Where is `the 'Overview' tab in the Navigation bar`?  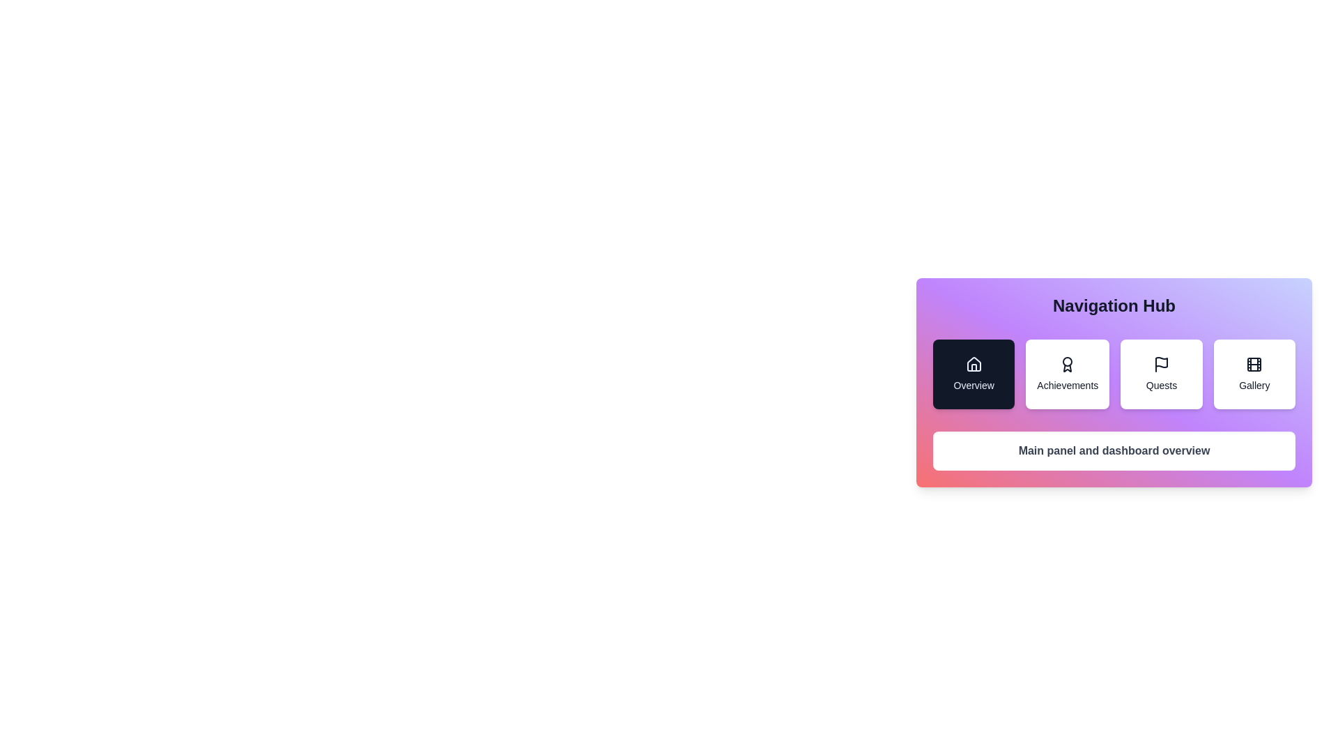
the 'Overview' tab in the Navigation bar is located at coordinates (1113, 373).